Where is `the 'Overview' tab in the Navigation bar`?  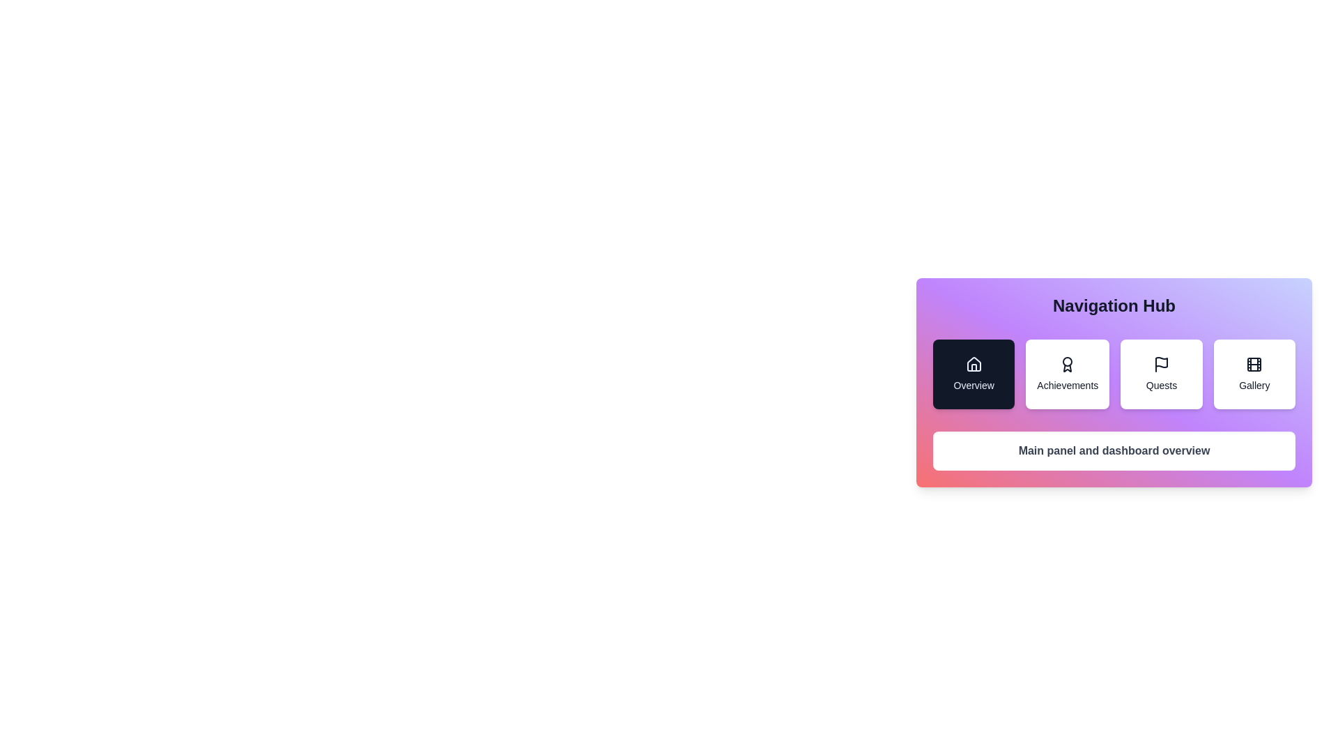
the 'Overview' tab in the Navigation bar is located at coordinates (1113, 373).